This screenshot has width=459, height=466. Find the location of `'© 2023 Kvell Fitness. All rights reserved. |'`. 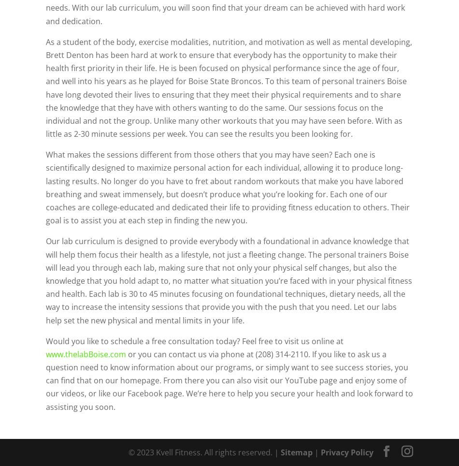

'© 2023 Kvell Fitness. All rights reserved. |' is located at coordinates (204, 451).